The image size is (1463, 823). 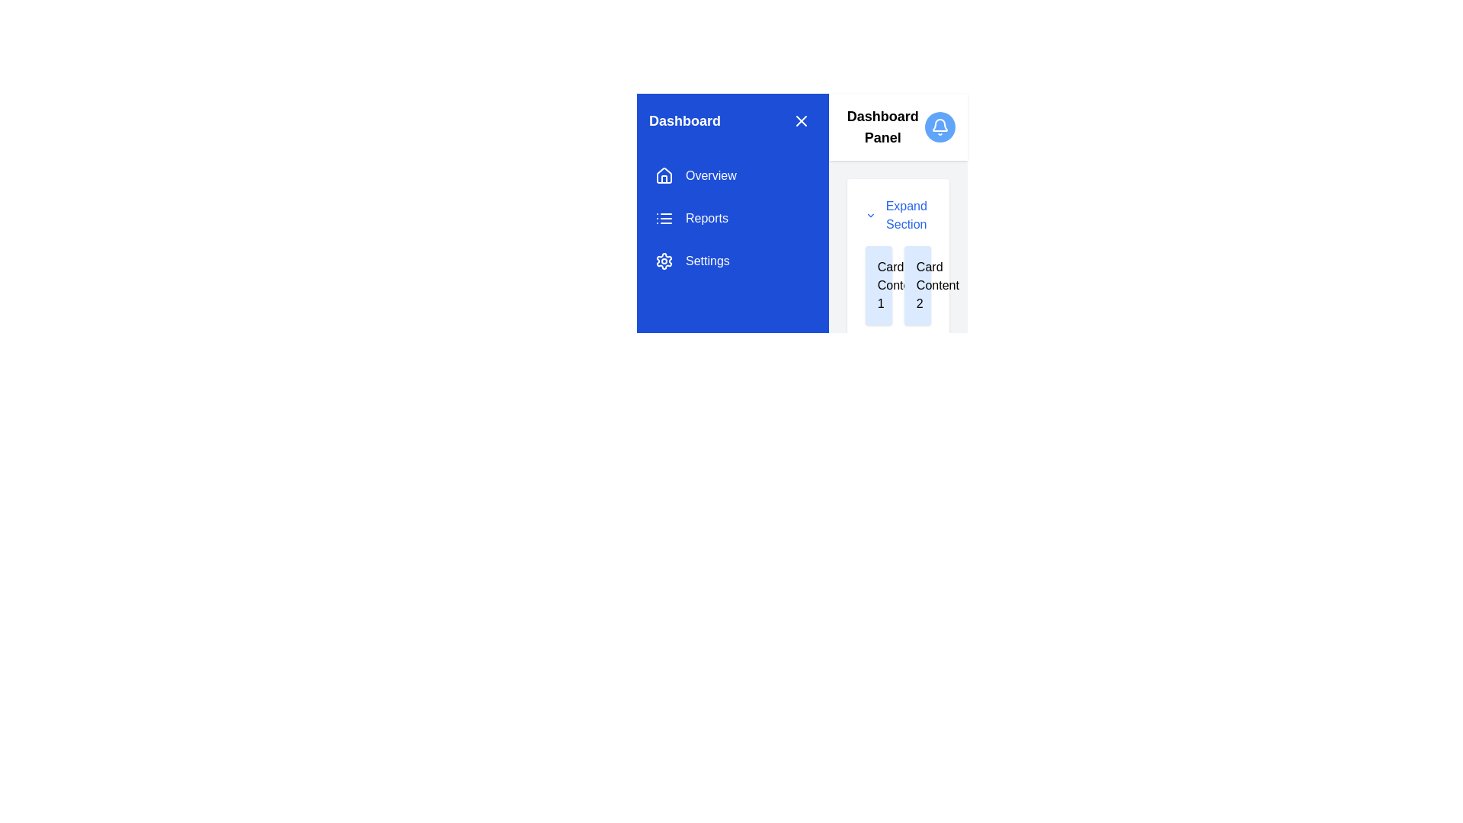 I want to click on the 'Reports' menu item represented by an icon of three horizontal lines with a white stroke on a blue background, located in the sidebar navigation menu, so click(x=664, y=218).